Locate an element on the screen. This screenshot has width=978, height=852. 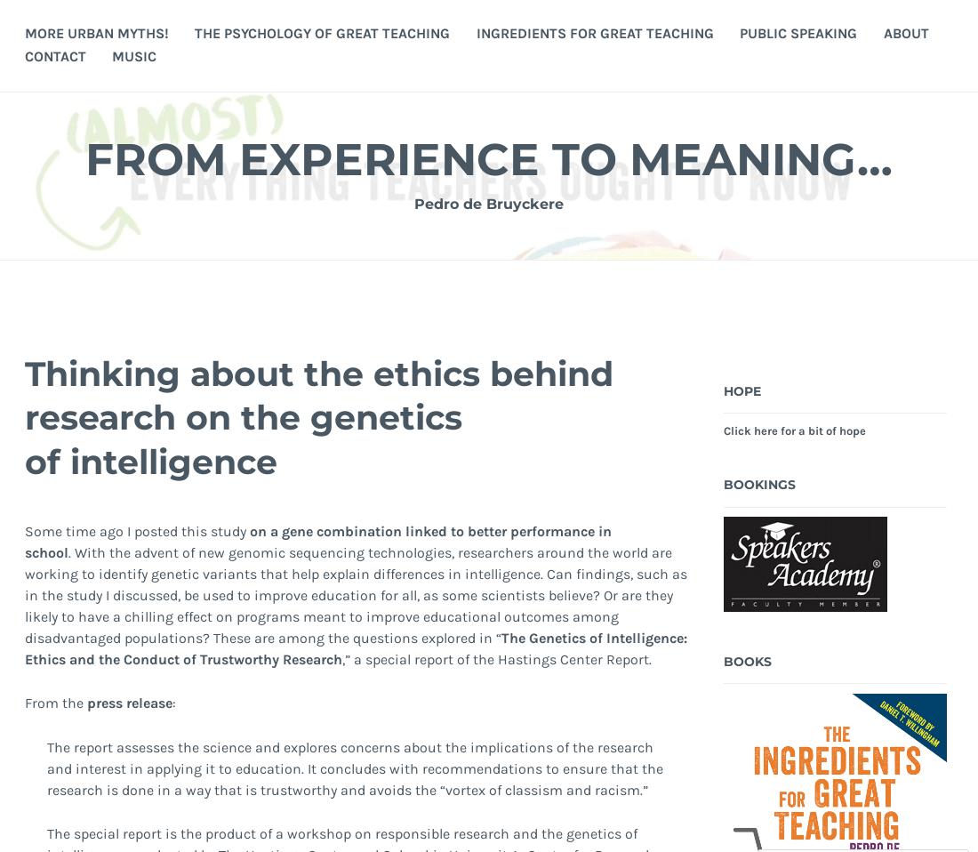
'Contact' is located at coordinates (53, 54).